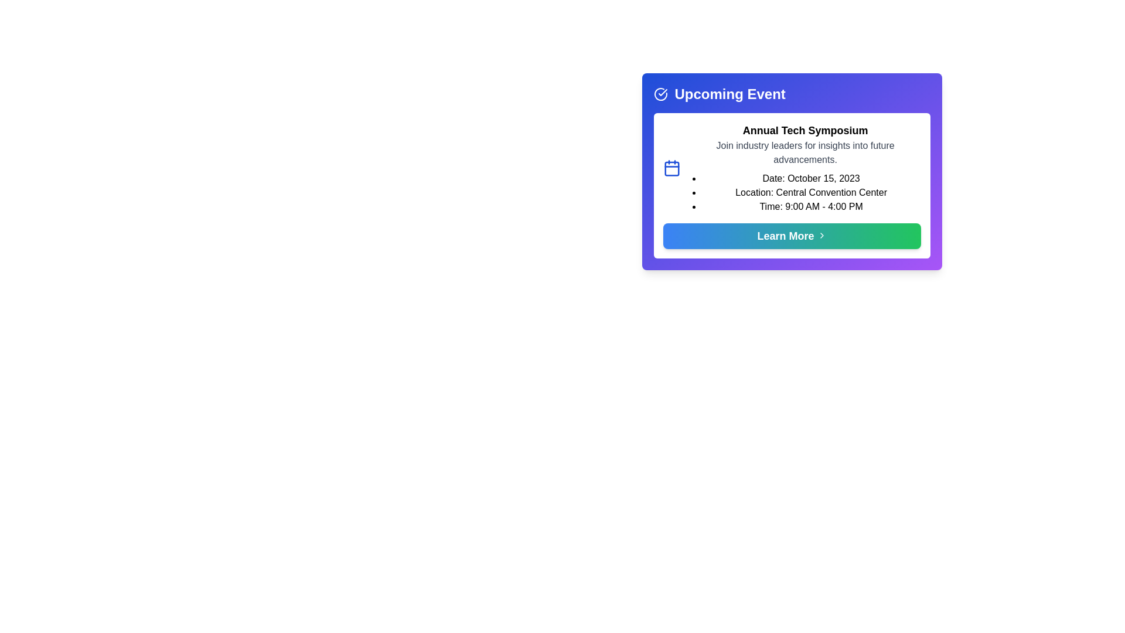  What do you see at coordinates (671, 168) in the screenshot?
I see `the calendar icon to interact with it` at bounding box center [671, 168].